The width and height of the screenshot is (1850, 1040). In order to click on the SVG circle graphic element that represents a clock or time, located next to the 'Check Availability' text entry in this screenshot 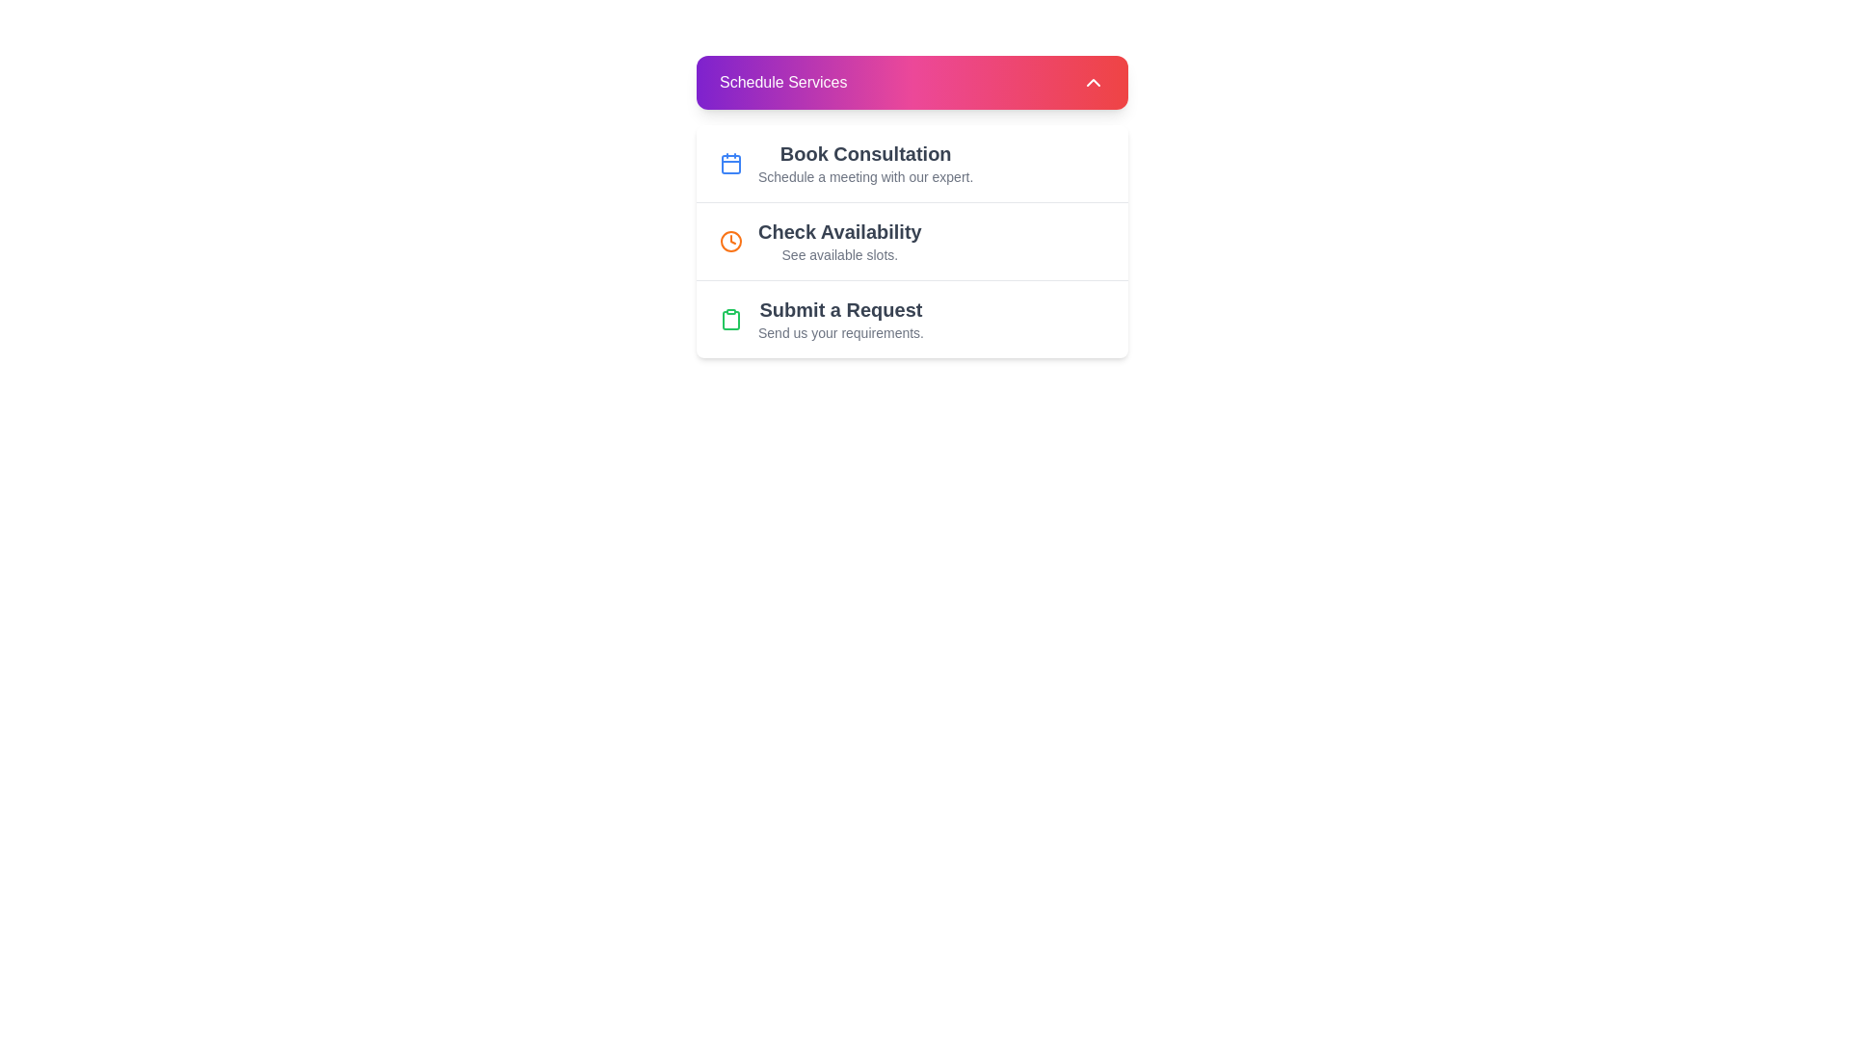, I will do `click(729, 240)`.